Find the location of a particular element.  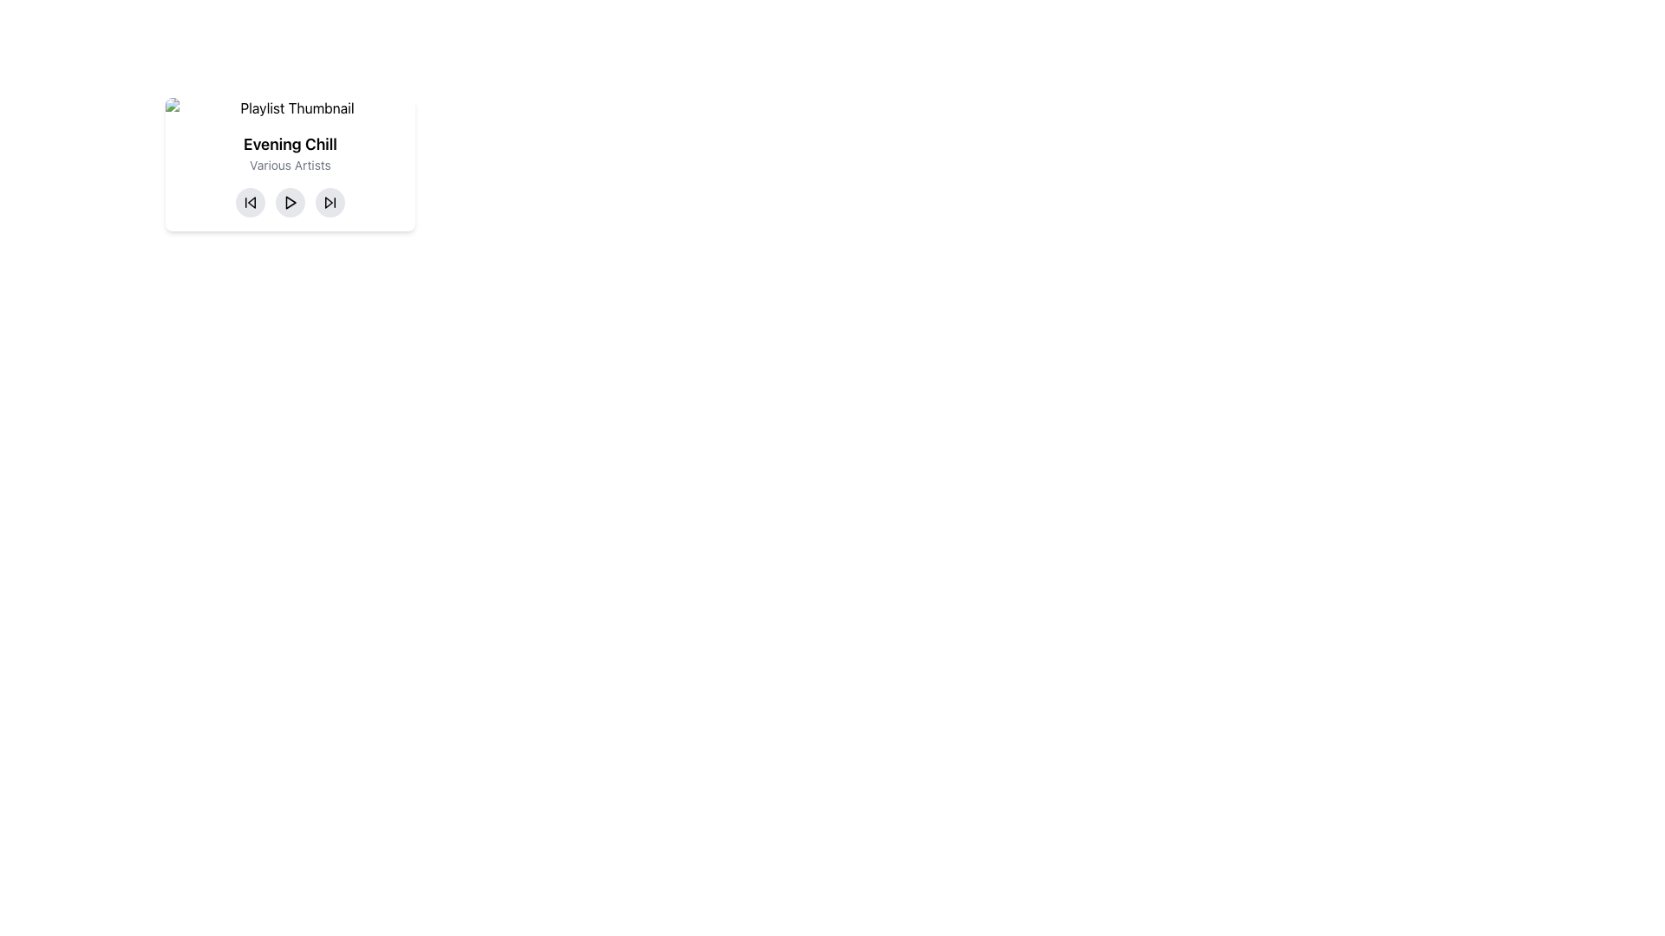

the left-pointing triangular skip back button within the playback control SVG element located at the bottom of the card component is located at coordinates (251, 202).